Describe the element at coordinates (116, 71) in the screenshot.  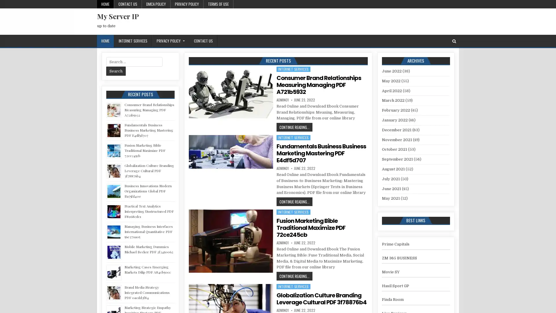
I see `Search` at that location.